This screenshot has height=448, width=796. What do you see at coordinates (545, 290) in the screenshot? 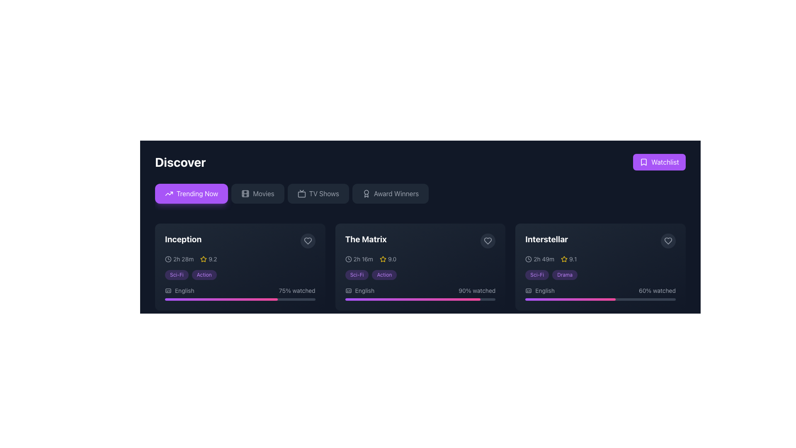
I see `the 'English' text label indicating the language of the movie 'Interstellar', which is located above a progress bar and to the right of a subtitles icon` at bounding box center [545, 290].